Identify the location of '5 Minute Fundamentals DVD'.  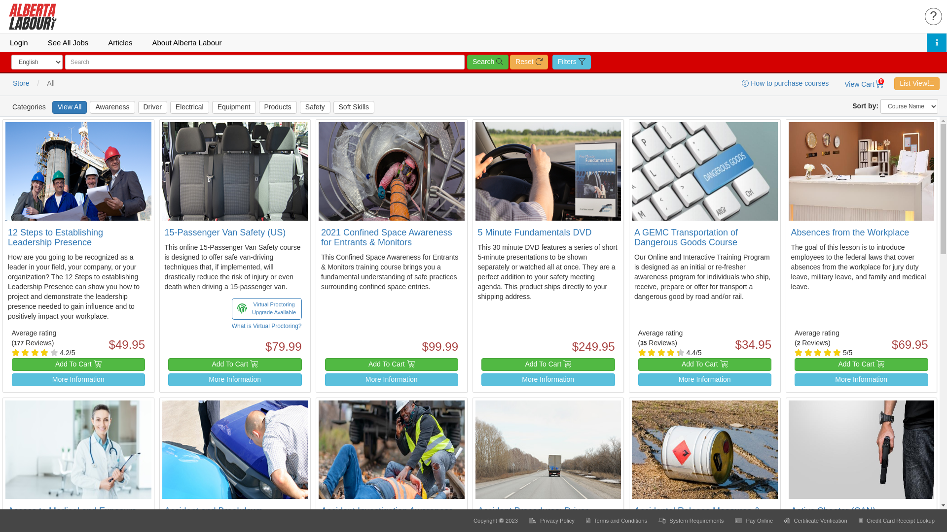
(534, 232).